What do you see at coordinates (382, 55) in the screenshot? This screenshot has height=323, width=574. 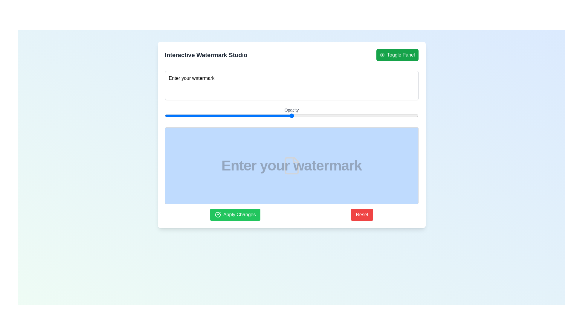 I see `the green settings gear icon located at the left side of the 'Toggle Panel' button at the top-right corner of the application's header` at bounding box center [382, 55].